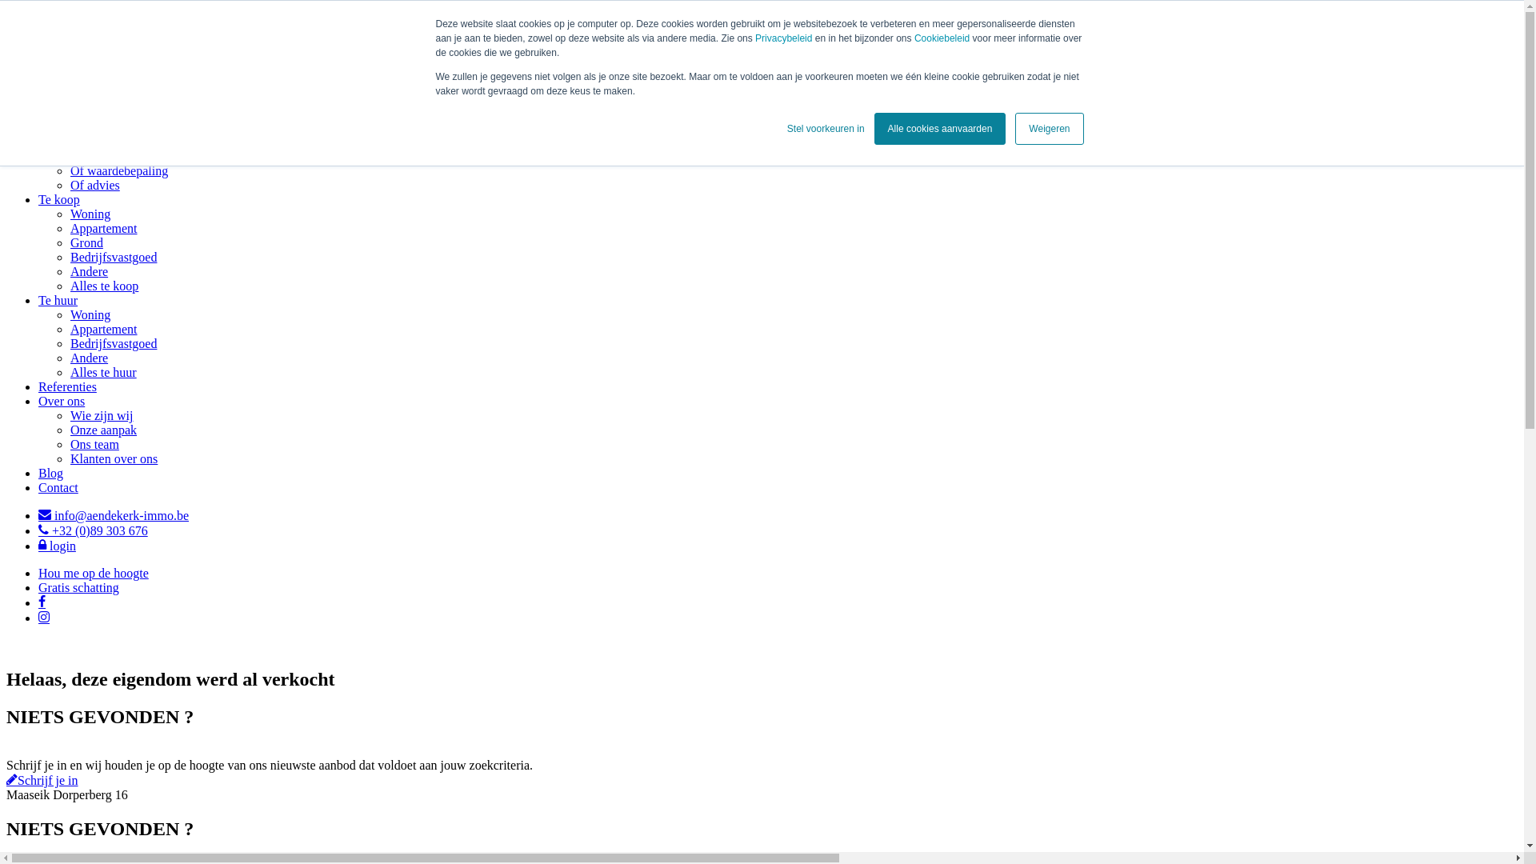  What do you see at coordinates (90, 314) in the screenshot?
I see `'Woning'` at bounding box center [90, 314].